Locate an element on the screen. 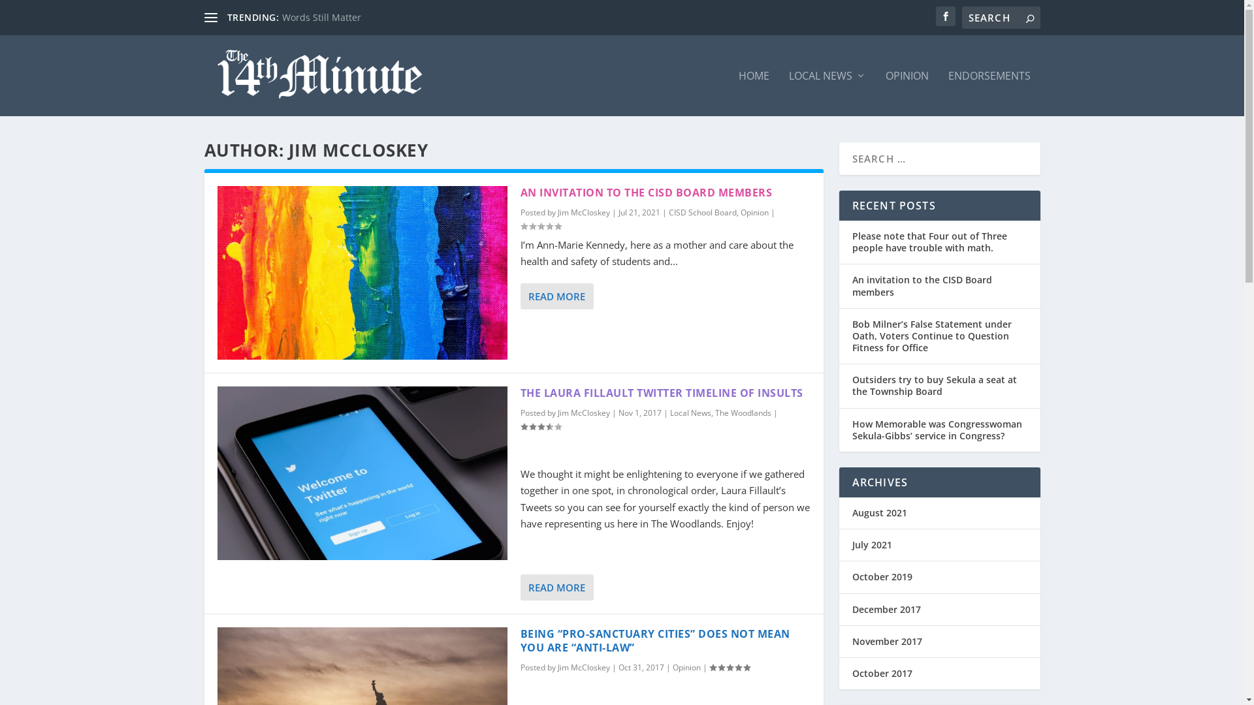 The height and width of the screenshot is (705, 1254). 'October 2017' is located at coordinates (852, 673).